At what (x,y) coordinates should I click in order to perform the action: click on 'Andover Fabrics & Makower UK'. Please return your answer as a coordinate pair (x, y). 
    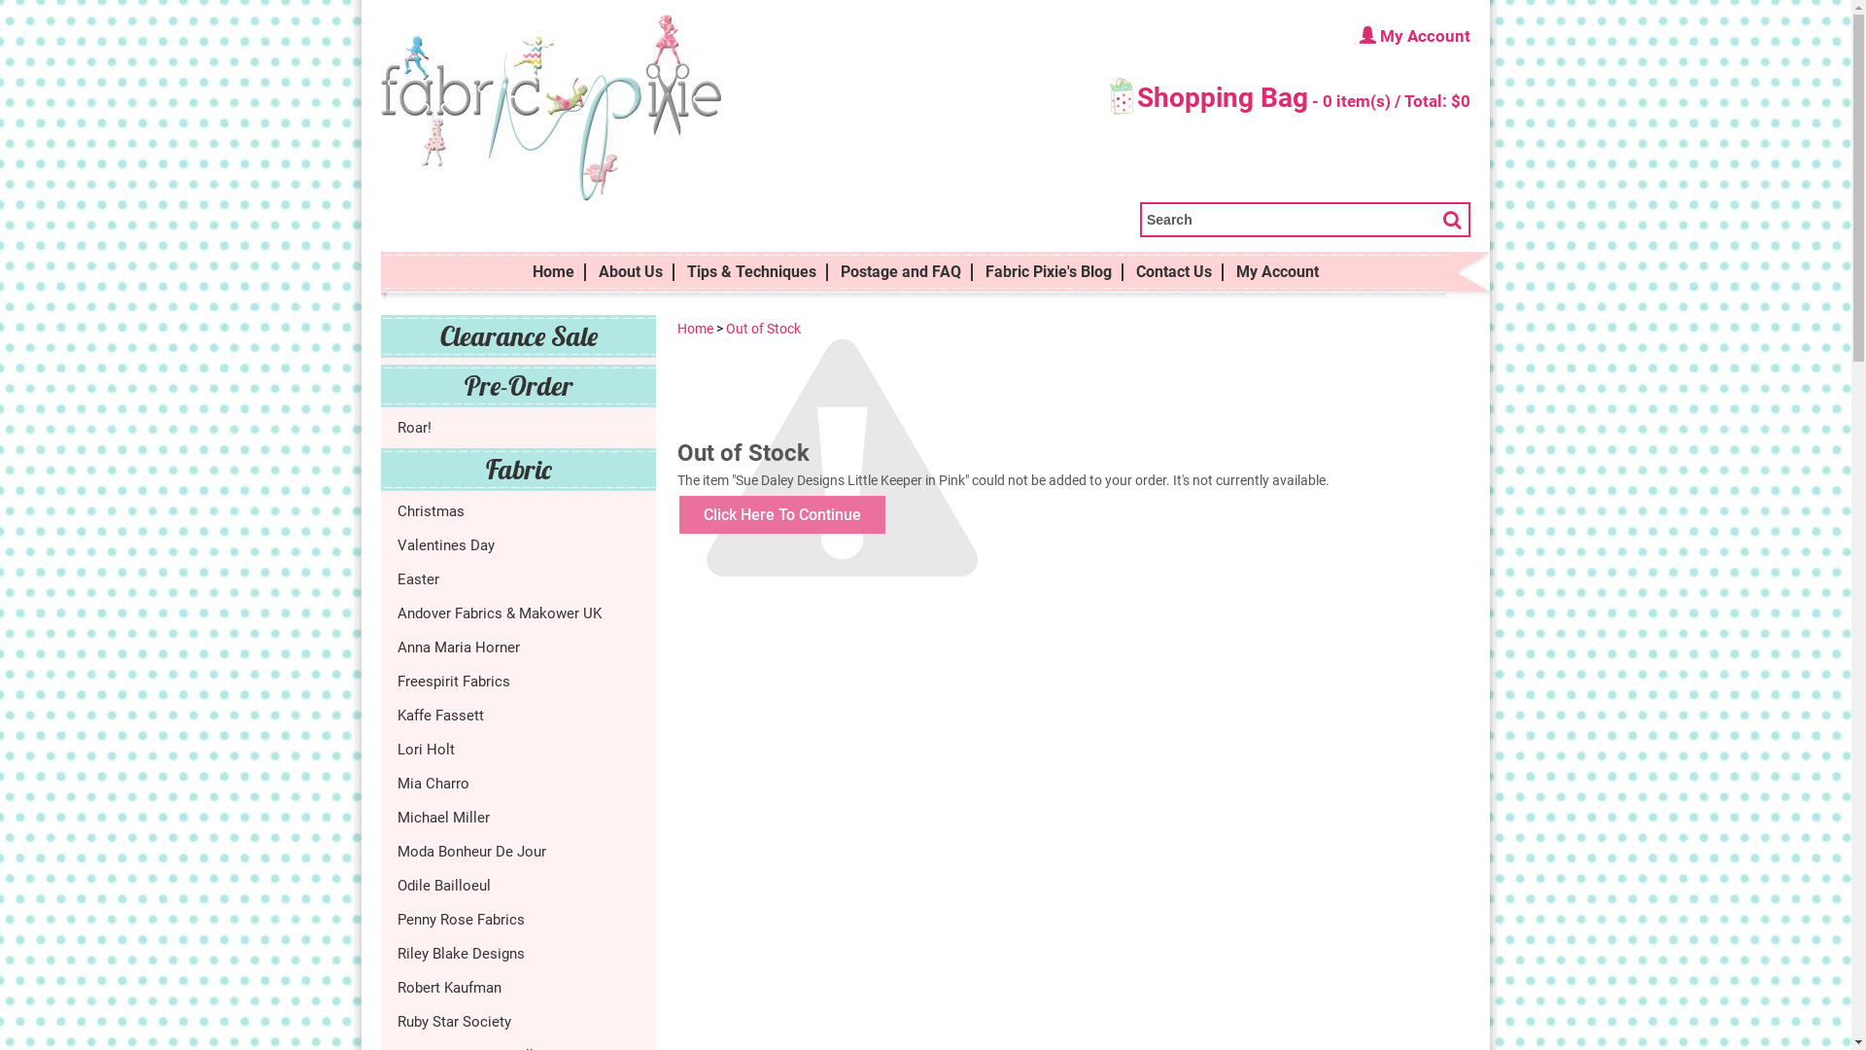
    Looking at the image, I should click on (518, 611).